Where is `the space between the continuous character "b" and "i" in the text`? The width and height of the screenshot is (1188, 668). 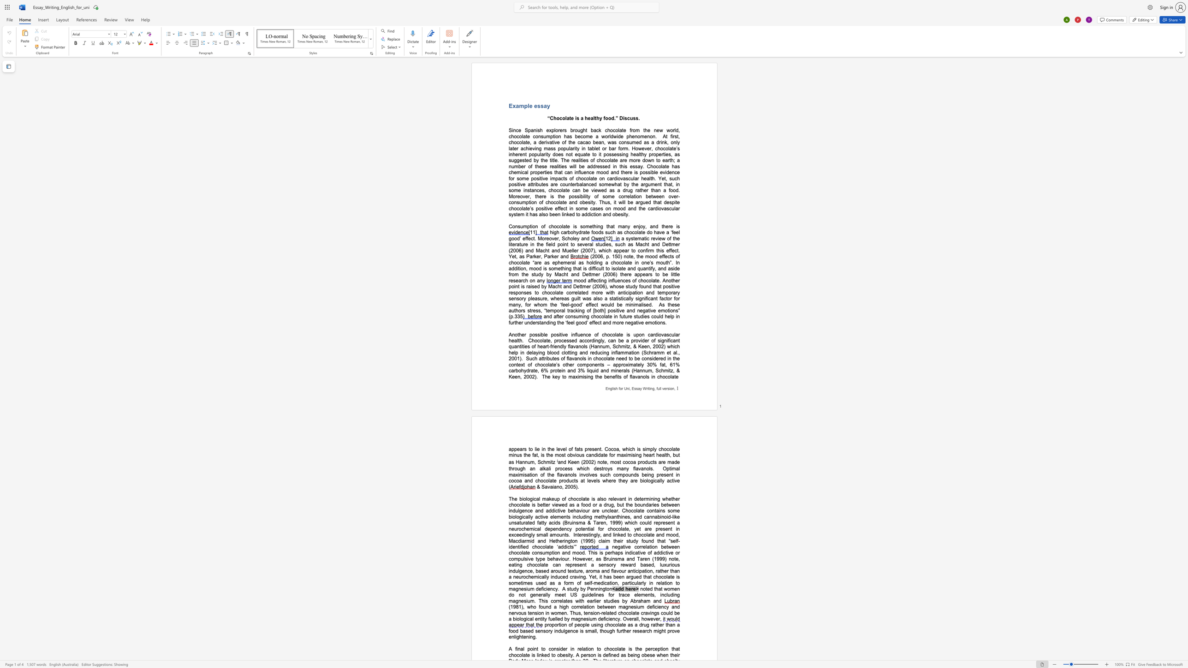
the space between the continuous character "b" and "i" in the text is located at coordinates (582, 196).